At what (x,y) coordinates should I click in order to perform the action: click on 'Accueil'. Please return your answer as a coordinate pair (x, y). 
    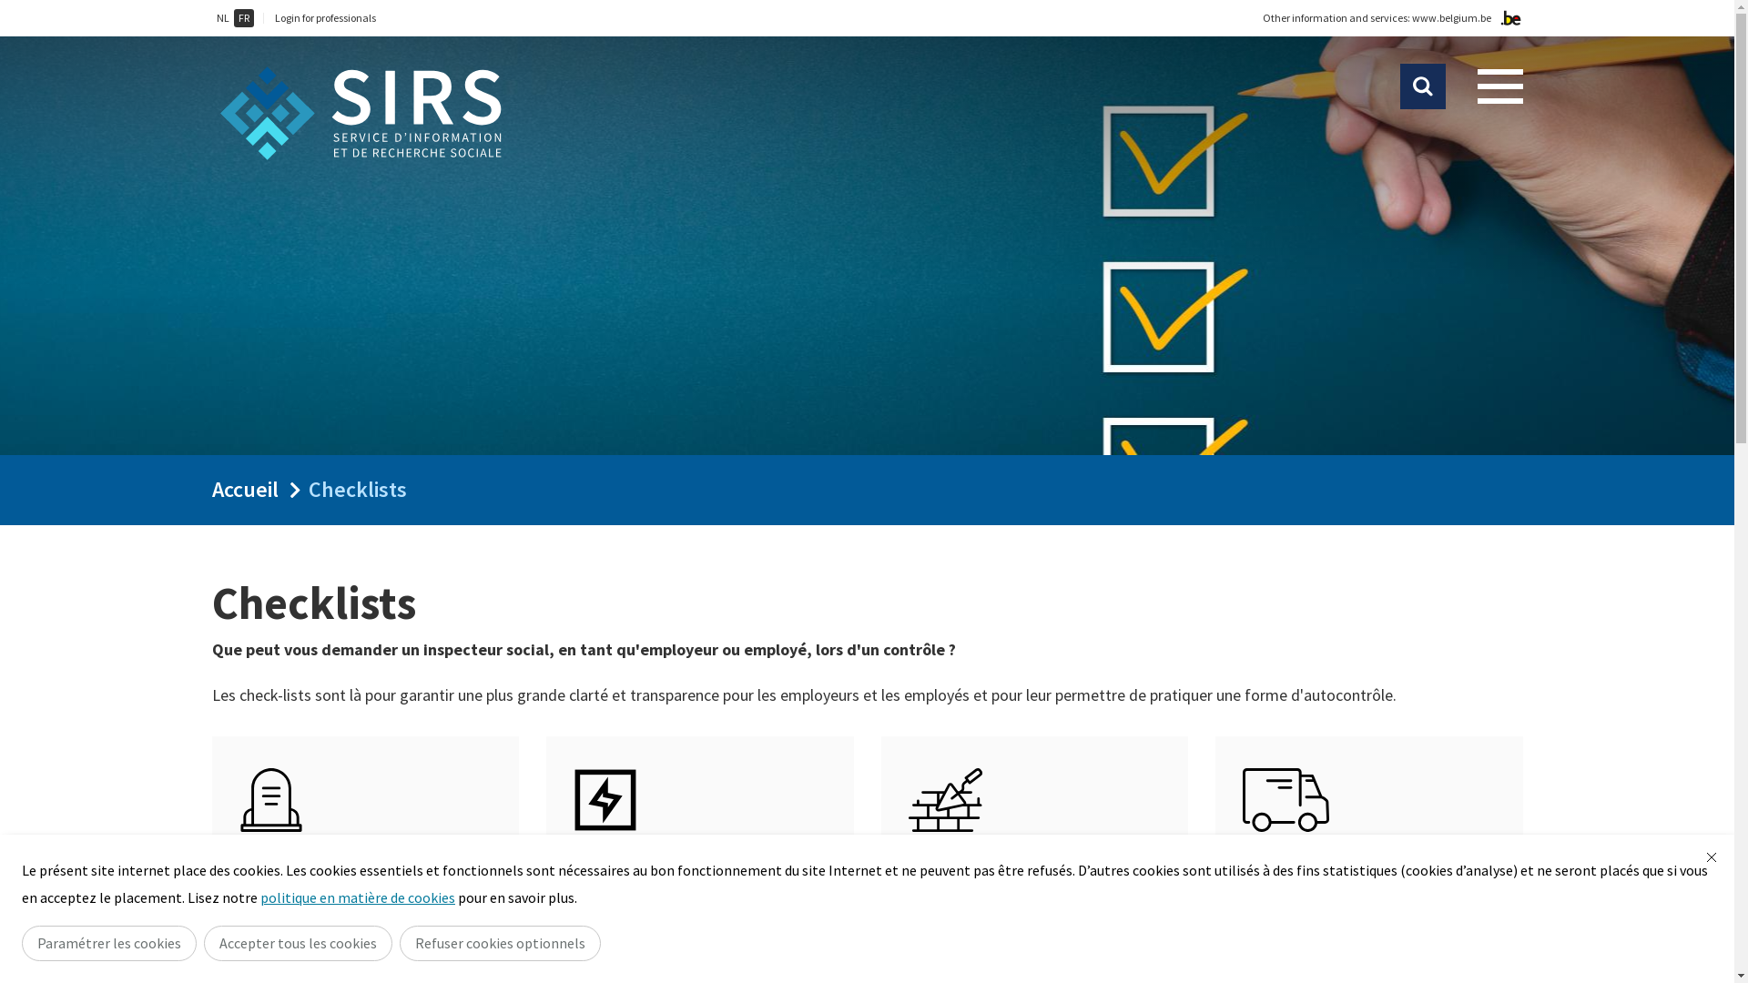
    Looking at the image, I should click on (243, 488).